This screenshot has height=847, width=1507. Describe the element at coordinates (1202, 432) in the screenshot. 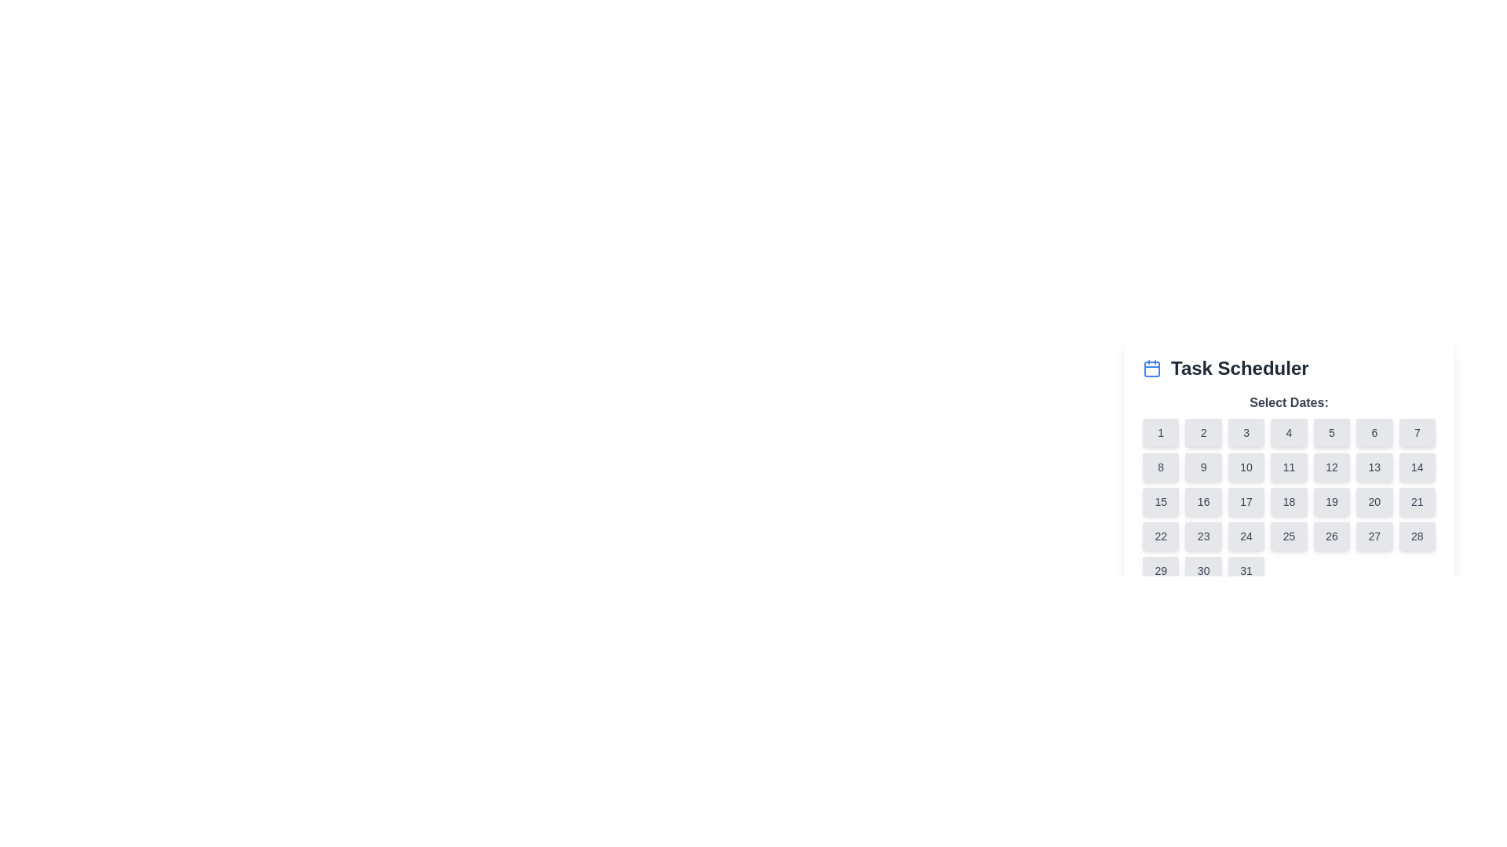

I see `the button representing the second day of the month` at that location.